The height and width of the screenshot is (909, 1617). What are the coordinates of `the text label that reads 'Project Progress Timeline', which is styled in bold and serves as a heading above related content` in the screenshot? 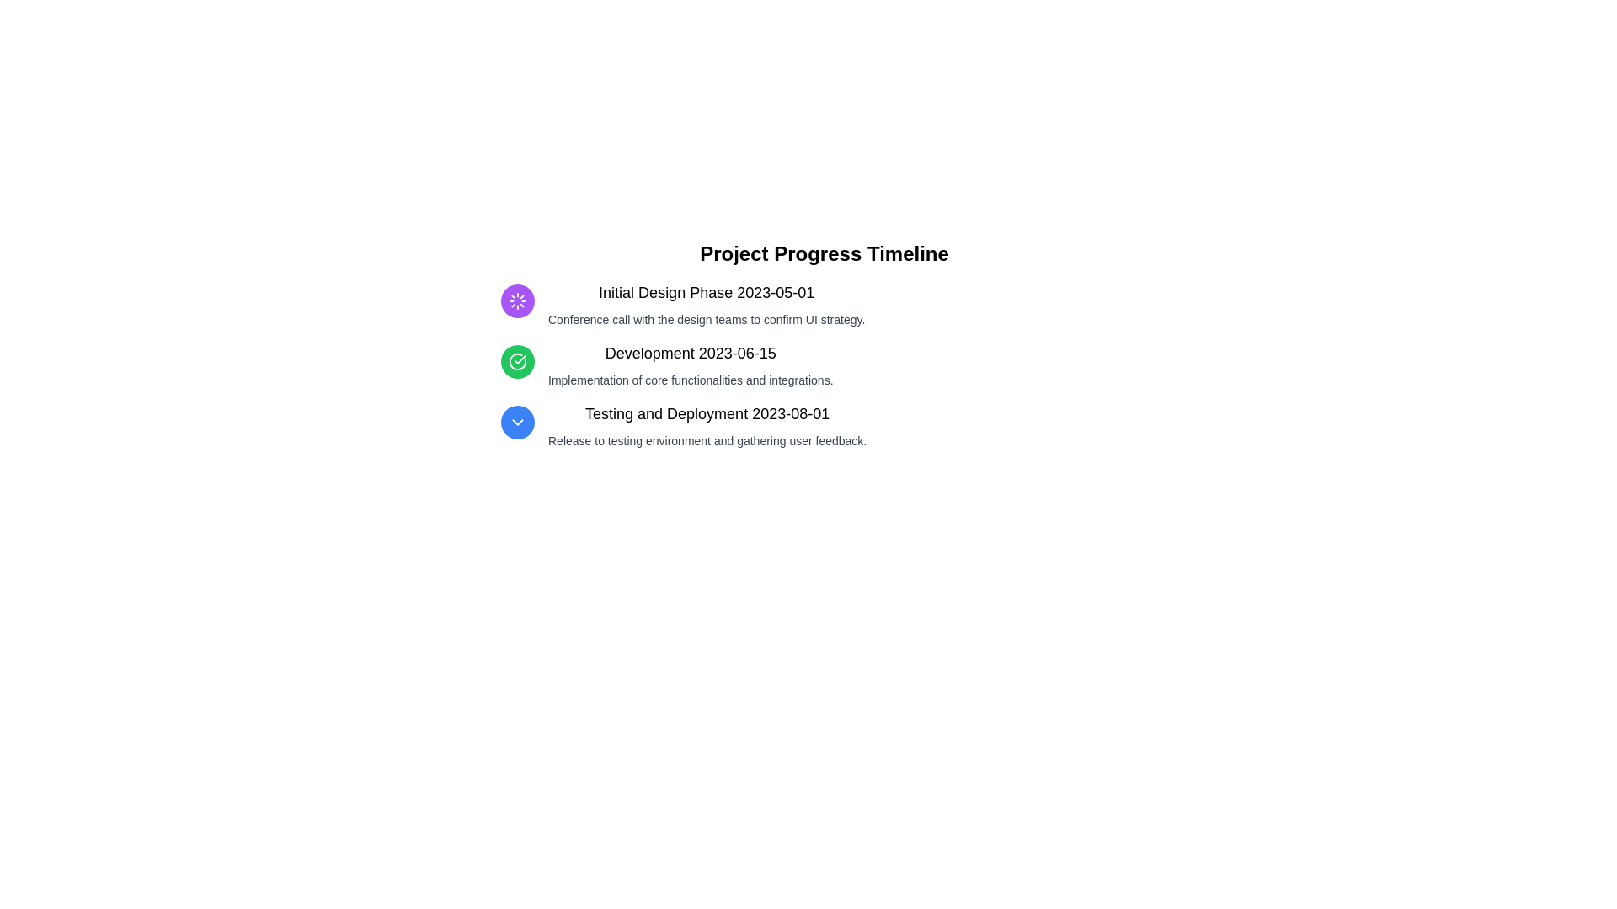 It's located at (825, 253).